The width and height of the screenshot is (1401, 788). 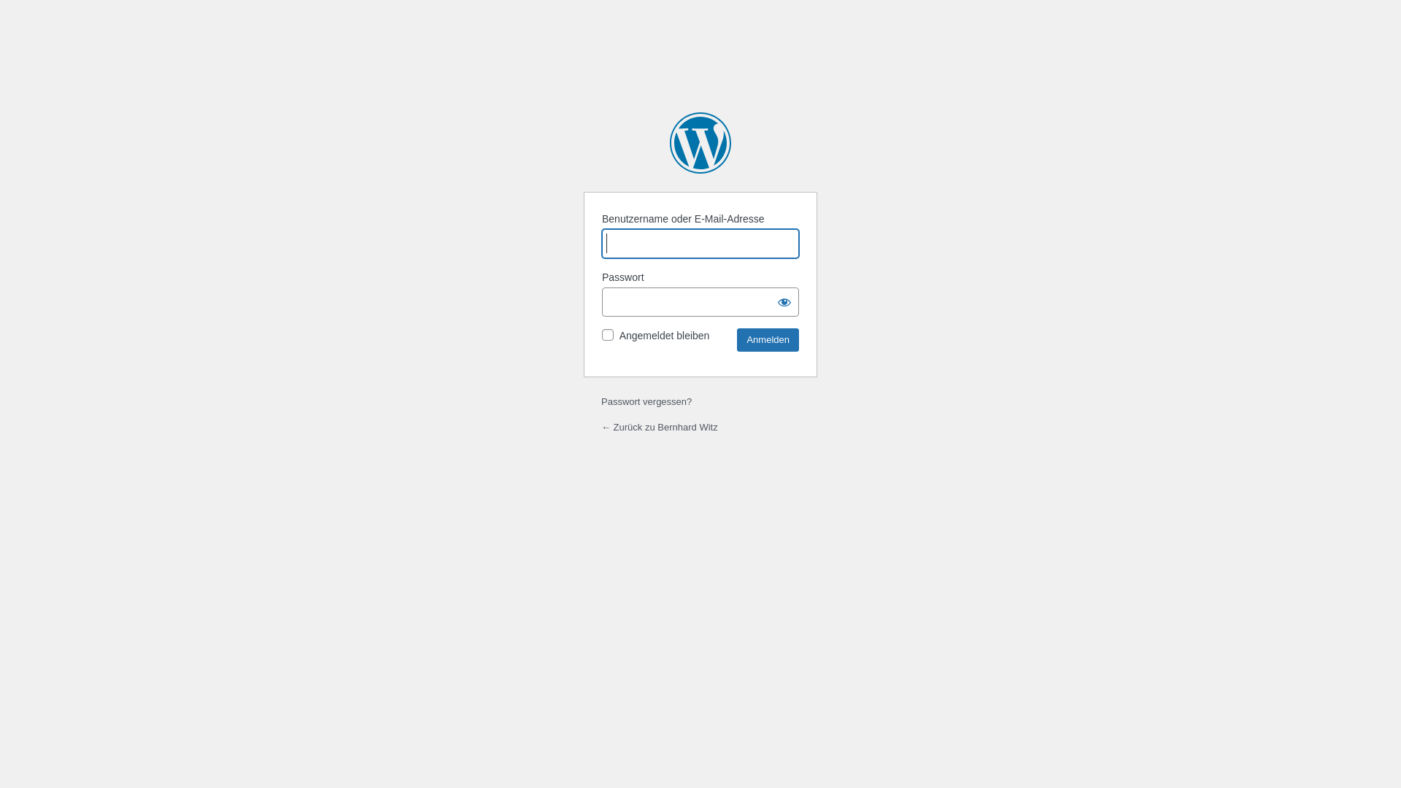 What do you see at coordinates (700, 143) in the screenshot?
I see `'Powered by WordPress'` at bounding box center [700, 143].